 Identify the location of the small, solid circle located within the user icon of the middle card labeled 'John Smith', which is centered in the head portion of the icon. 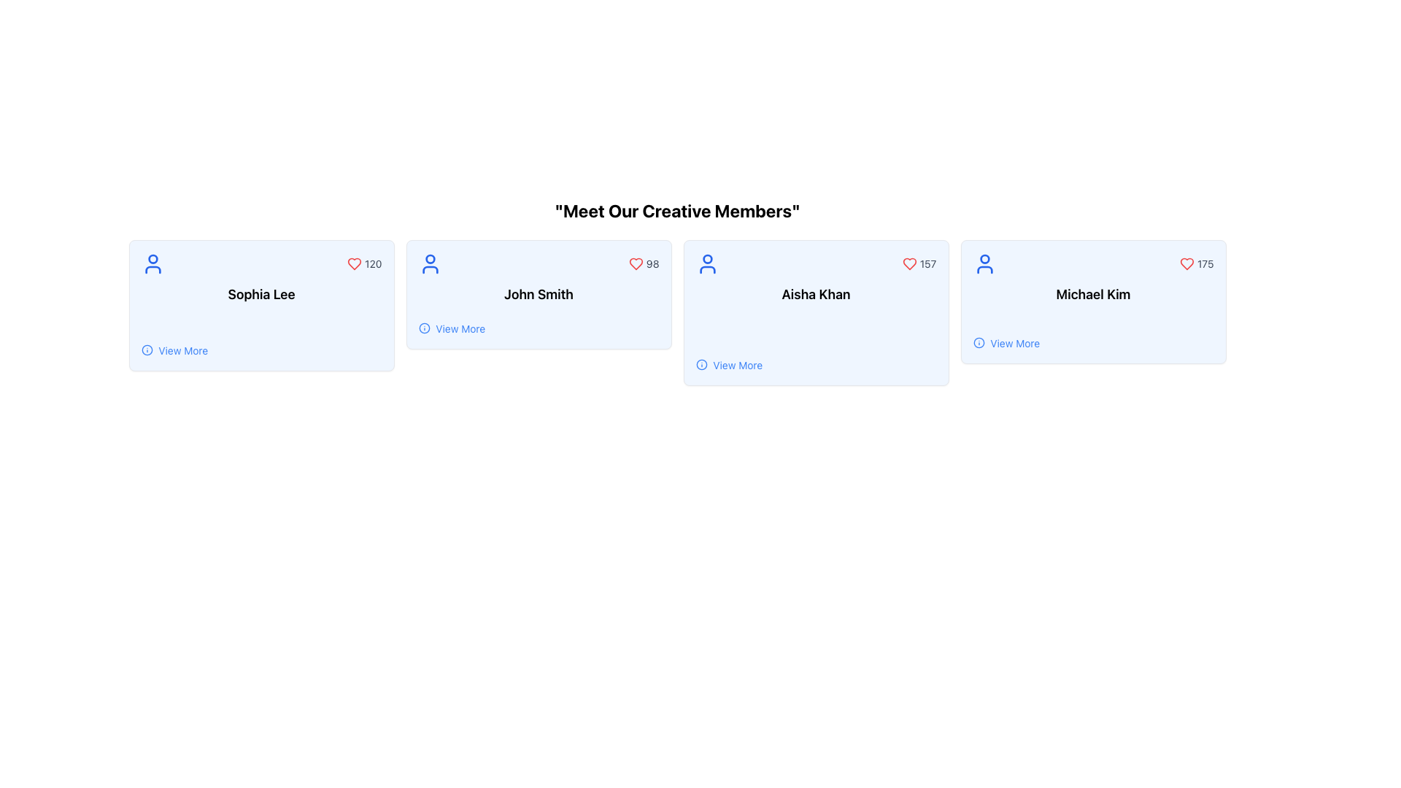
(429, 258).